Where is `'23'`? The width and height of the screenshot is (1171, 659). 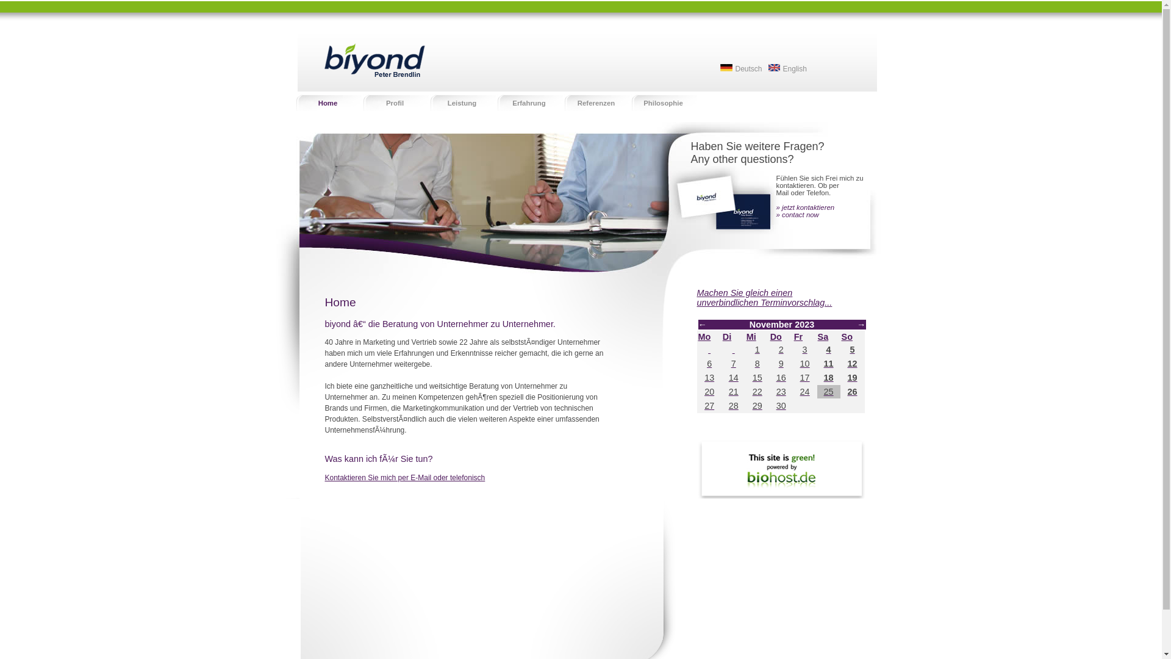 '23' is located at coordinates (775, 391).